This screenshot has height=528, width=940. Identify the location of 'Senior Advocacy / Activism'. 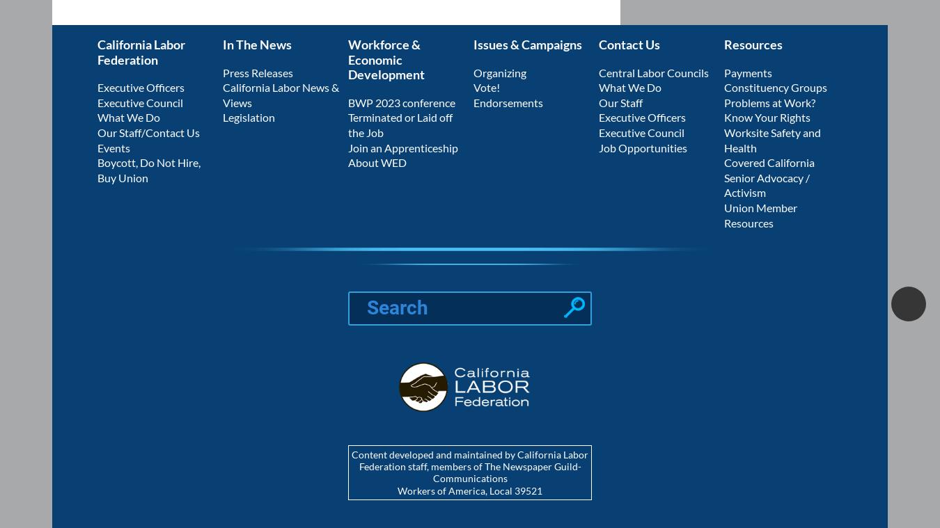
(767, 184).